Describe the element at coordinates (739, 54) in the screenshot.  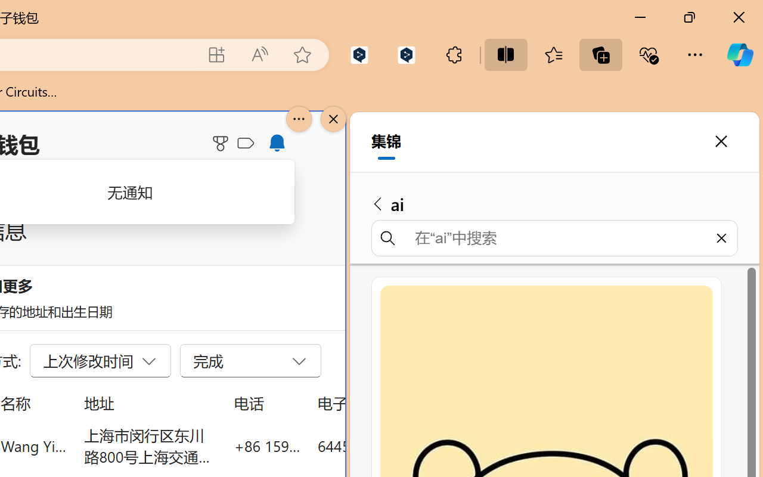
I see `'Copilot (Ctrl+Shift+.)'` at that location.